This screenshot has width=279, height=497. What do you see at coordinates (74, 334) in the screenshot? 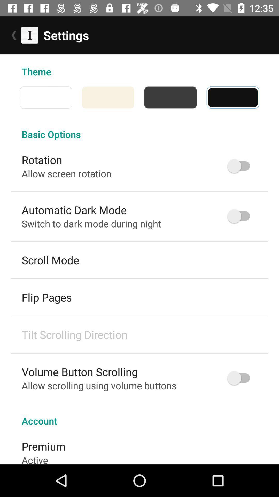
I see `the tilt scrolling direction` at bounding box center [74, 334].